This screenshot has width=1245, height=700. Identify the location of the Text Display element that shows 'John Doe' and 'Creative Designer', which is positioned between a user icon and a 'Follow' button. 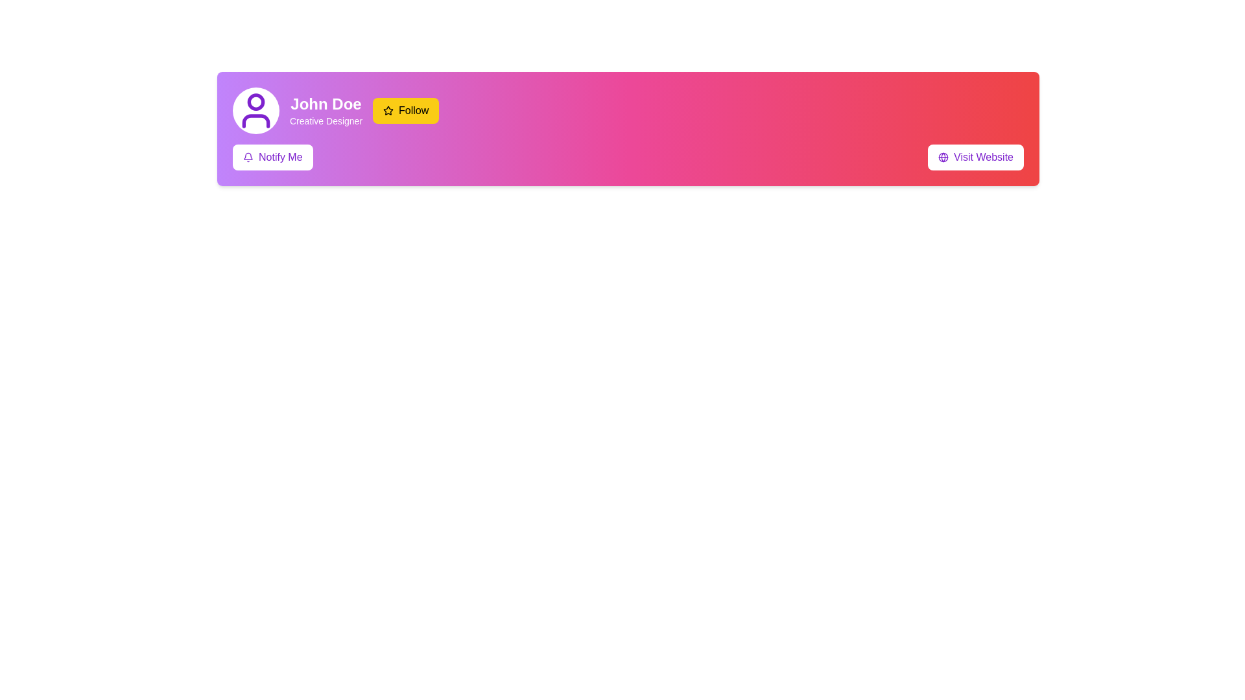
(326, 110).